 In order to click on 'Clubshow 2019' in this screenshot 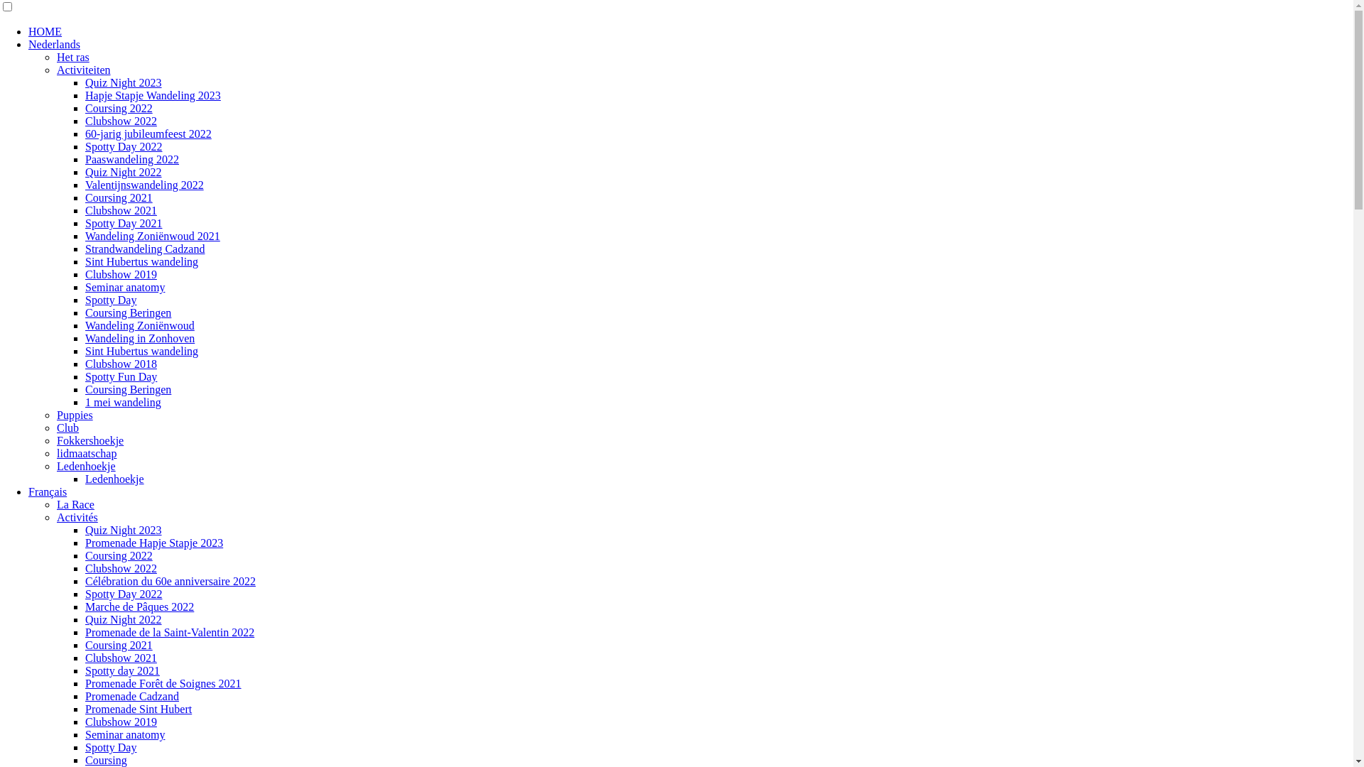, I will do `click(121, 274)`.